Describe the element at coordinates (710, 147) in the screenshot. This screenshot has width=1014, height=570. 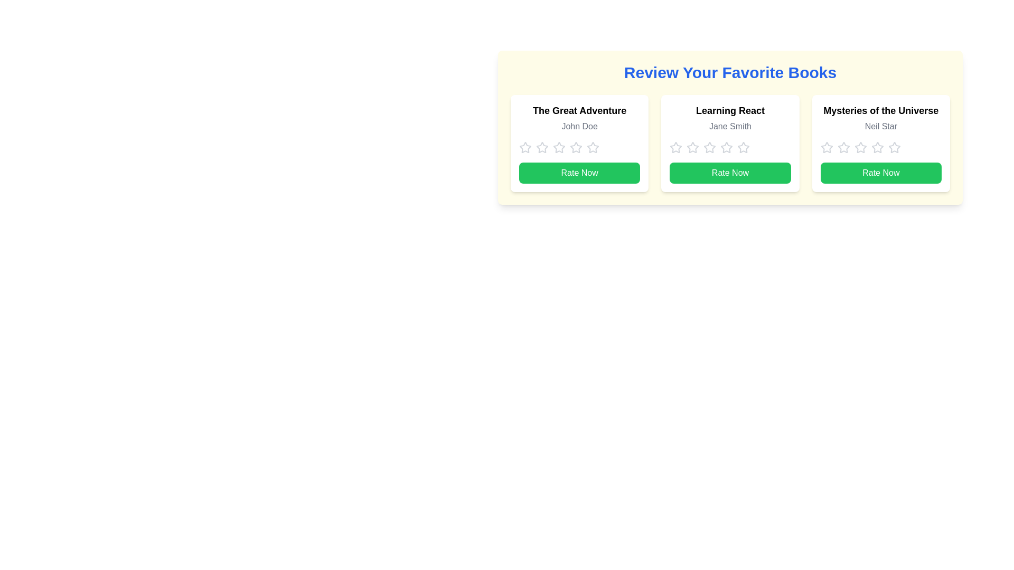
I see `the second rating star in the rating row of the 'Learning React' book card` at that location.